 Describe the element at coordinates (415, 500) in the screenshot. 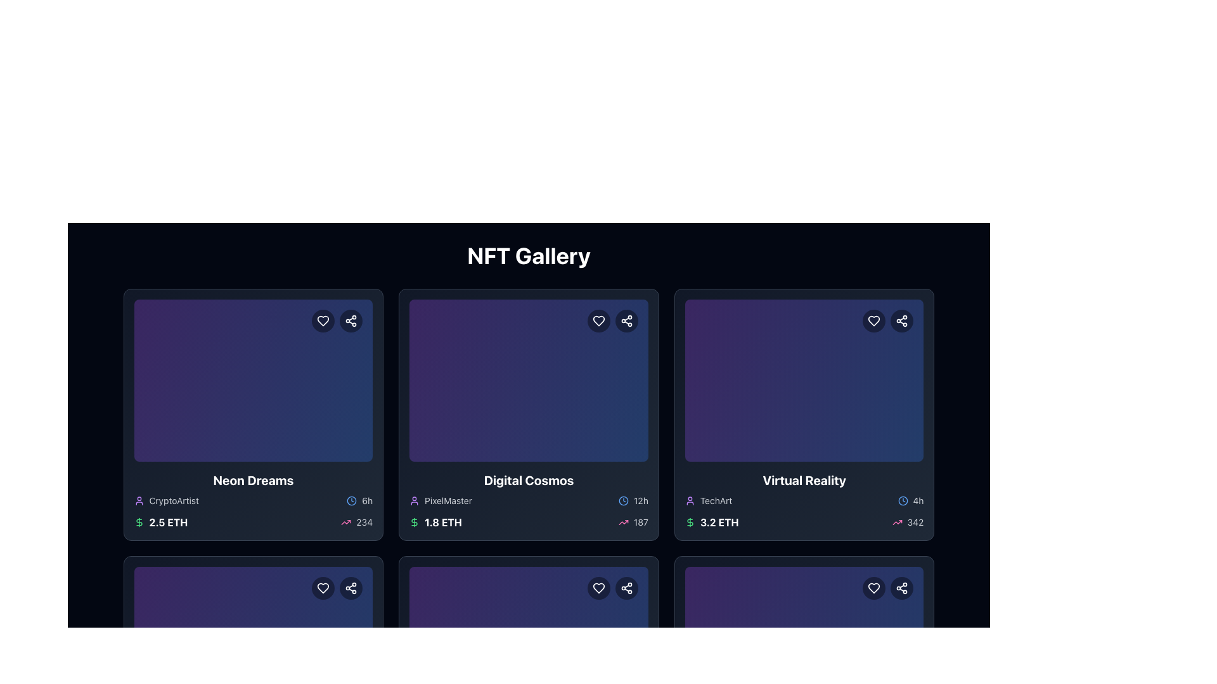

I see `the vibrant purple outline icon of a person located to the left of the text 'PixelMaster' in the bottom right of the second card in the gallery grid` at that location.